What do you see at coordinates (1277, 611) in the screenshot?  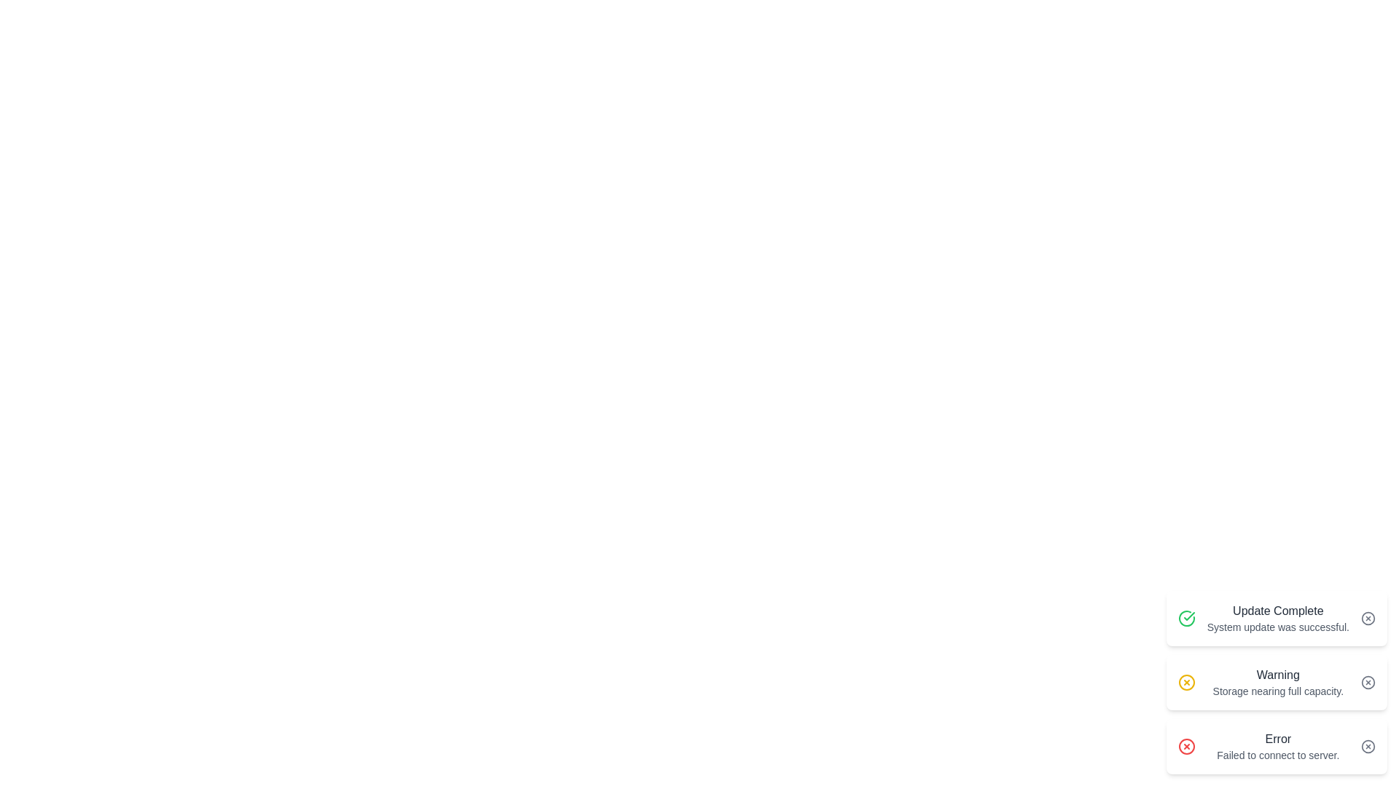 I see `the 'Update Complete' text label element` at bounding box center [1277, 611].